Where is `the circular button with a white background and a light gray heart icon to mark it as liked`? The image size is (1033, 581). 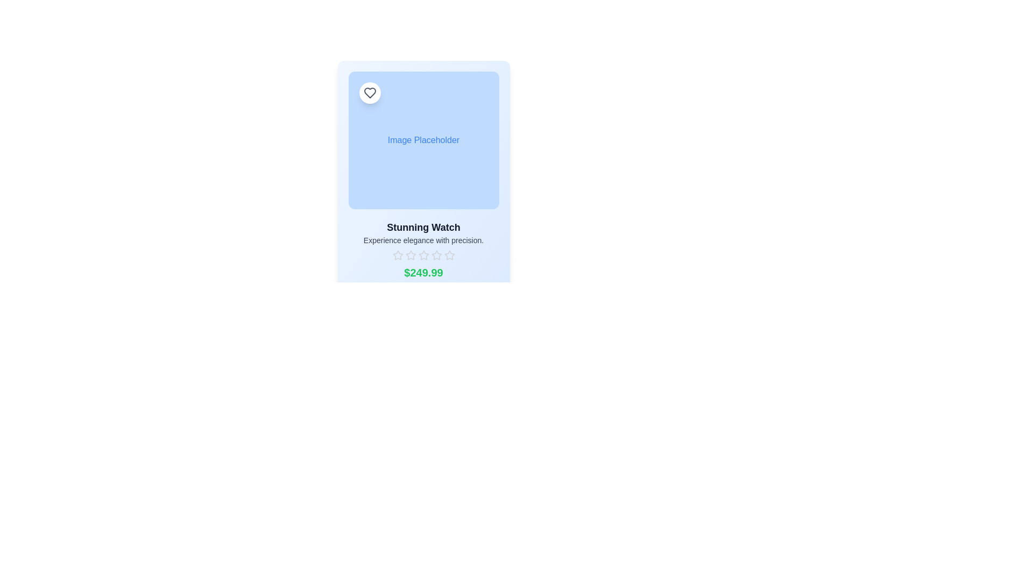
the circular button with a white background and a light gray heart icon to mark it as liked is located at coordinates (370, 93).